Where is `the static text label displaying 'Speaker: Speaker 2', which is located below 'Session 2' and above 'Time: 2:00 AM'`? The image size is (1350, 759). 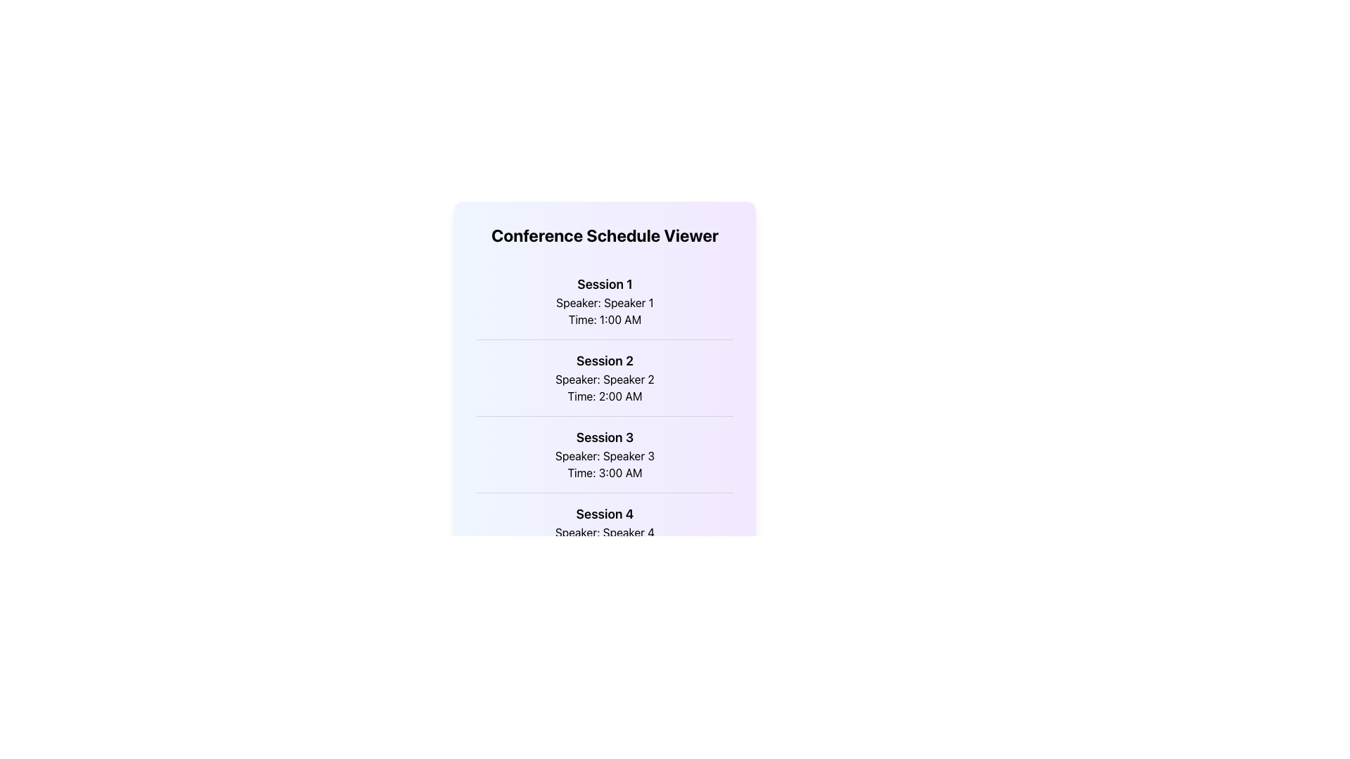 the static text label displaying 'Speaker: Speaker 2', which is located below 'Session 2' and above 'Time: 2:00 AM' is located at coordinates (605, 379).